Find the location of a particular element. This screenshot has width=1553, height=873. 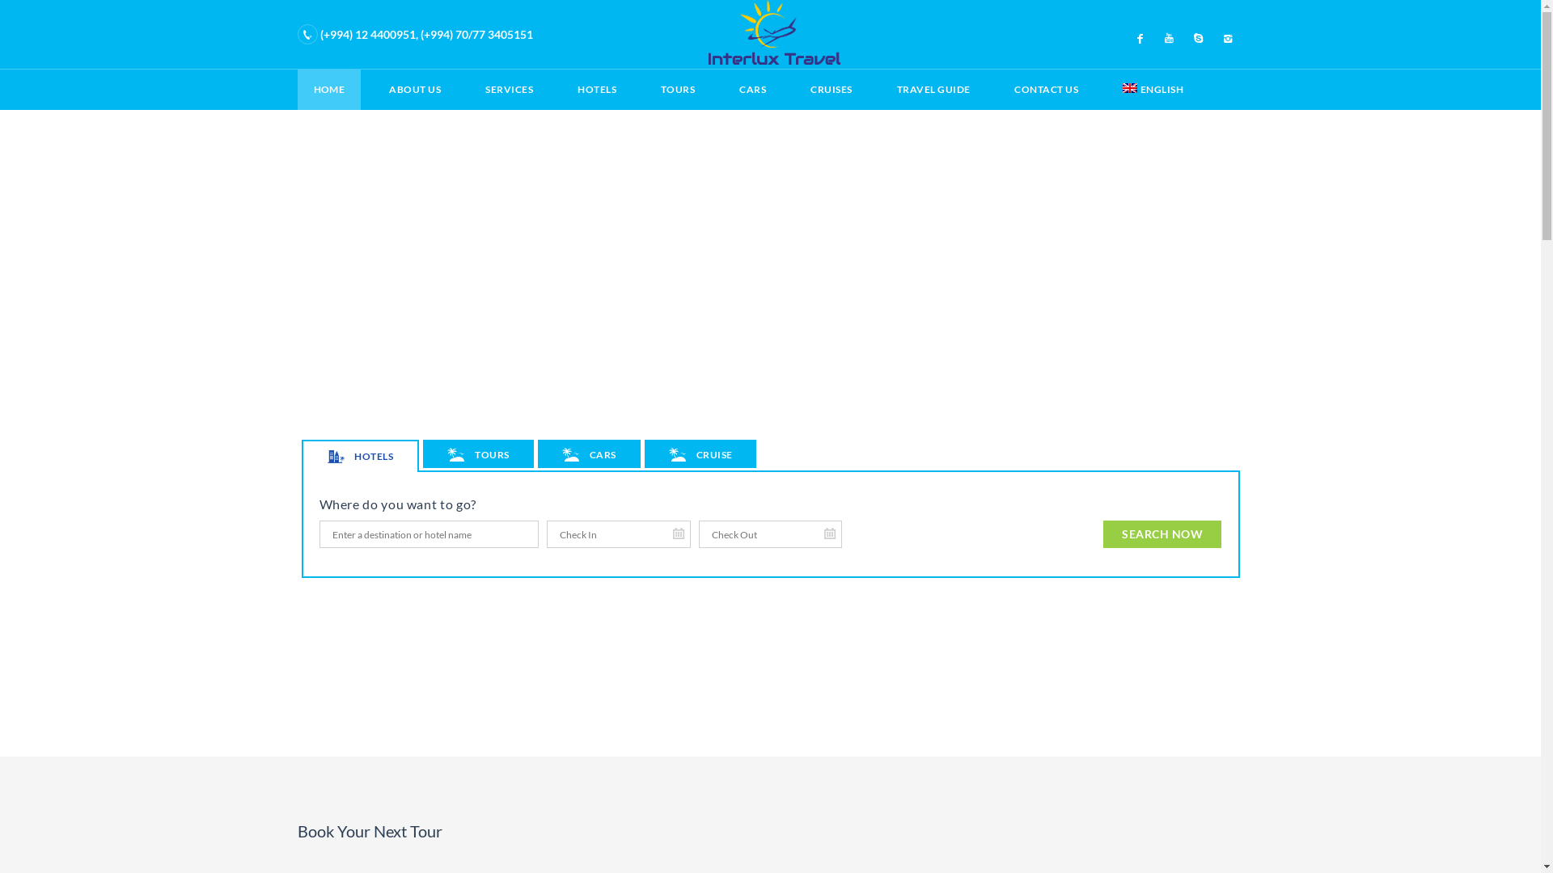

'CRUISES' is located at coordinates (831, 90).